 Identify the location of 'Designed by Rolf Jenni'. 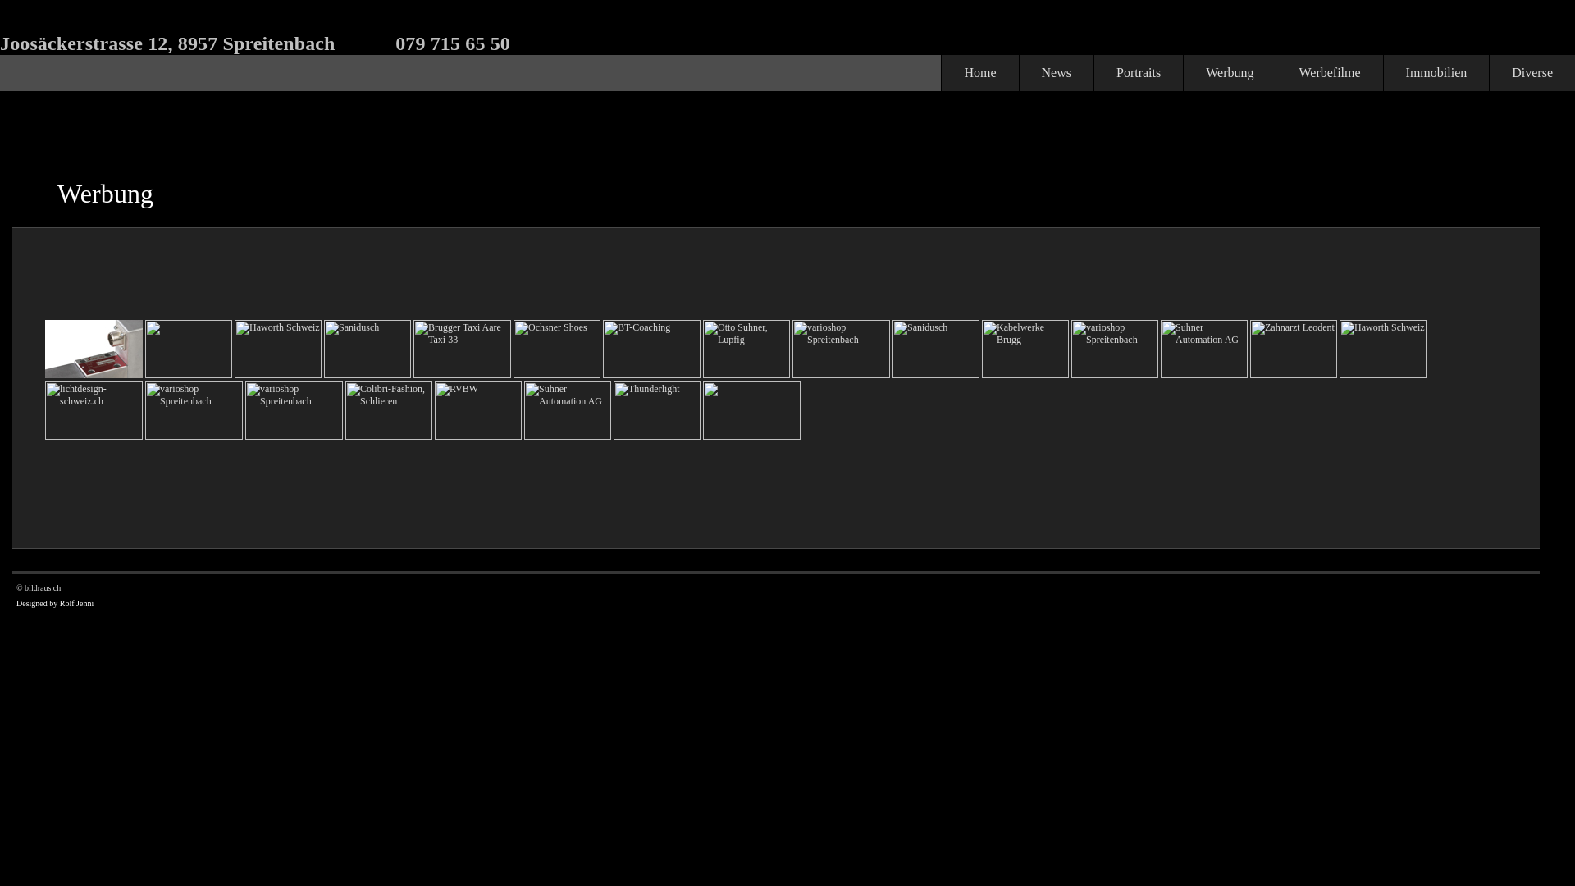
(55, 603).